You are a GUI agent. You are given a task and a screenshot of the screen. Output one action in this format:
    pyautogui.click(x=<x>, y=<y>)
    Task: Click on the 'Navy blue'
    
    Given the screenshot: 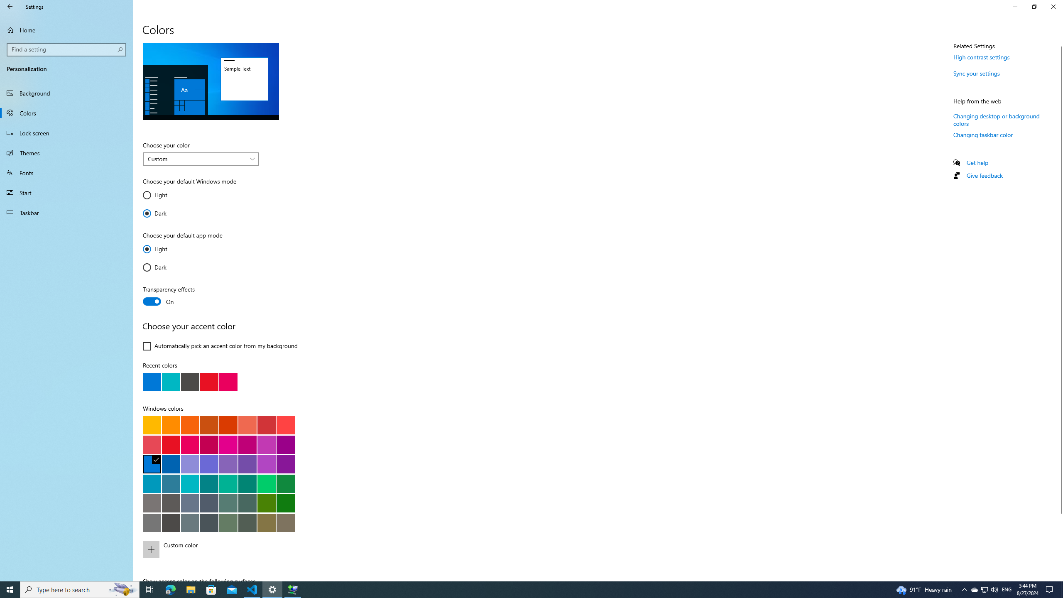 What is the action you would take?
    pyautogui.click(x=171, y=464)
    